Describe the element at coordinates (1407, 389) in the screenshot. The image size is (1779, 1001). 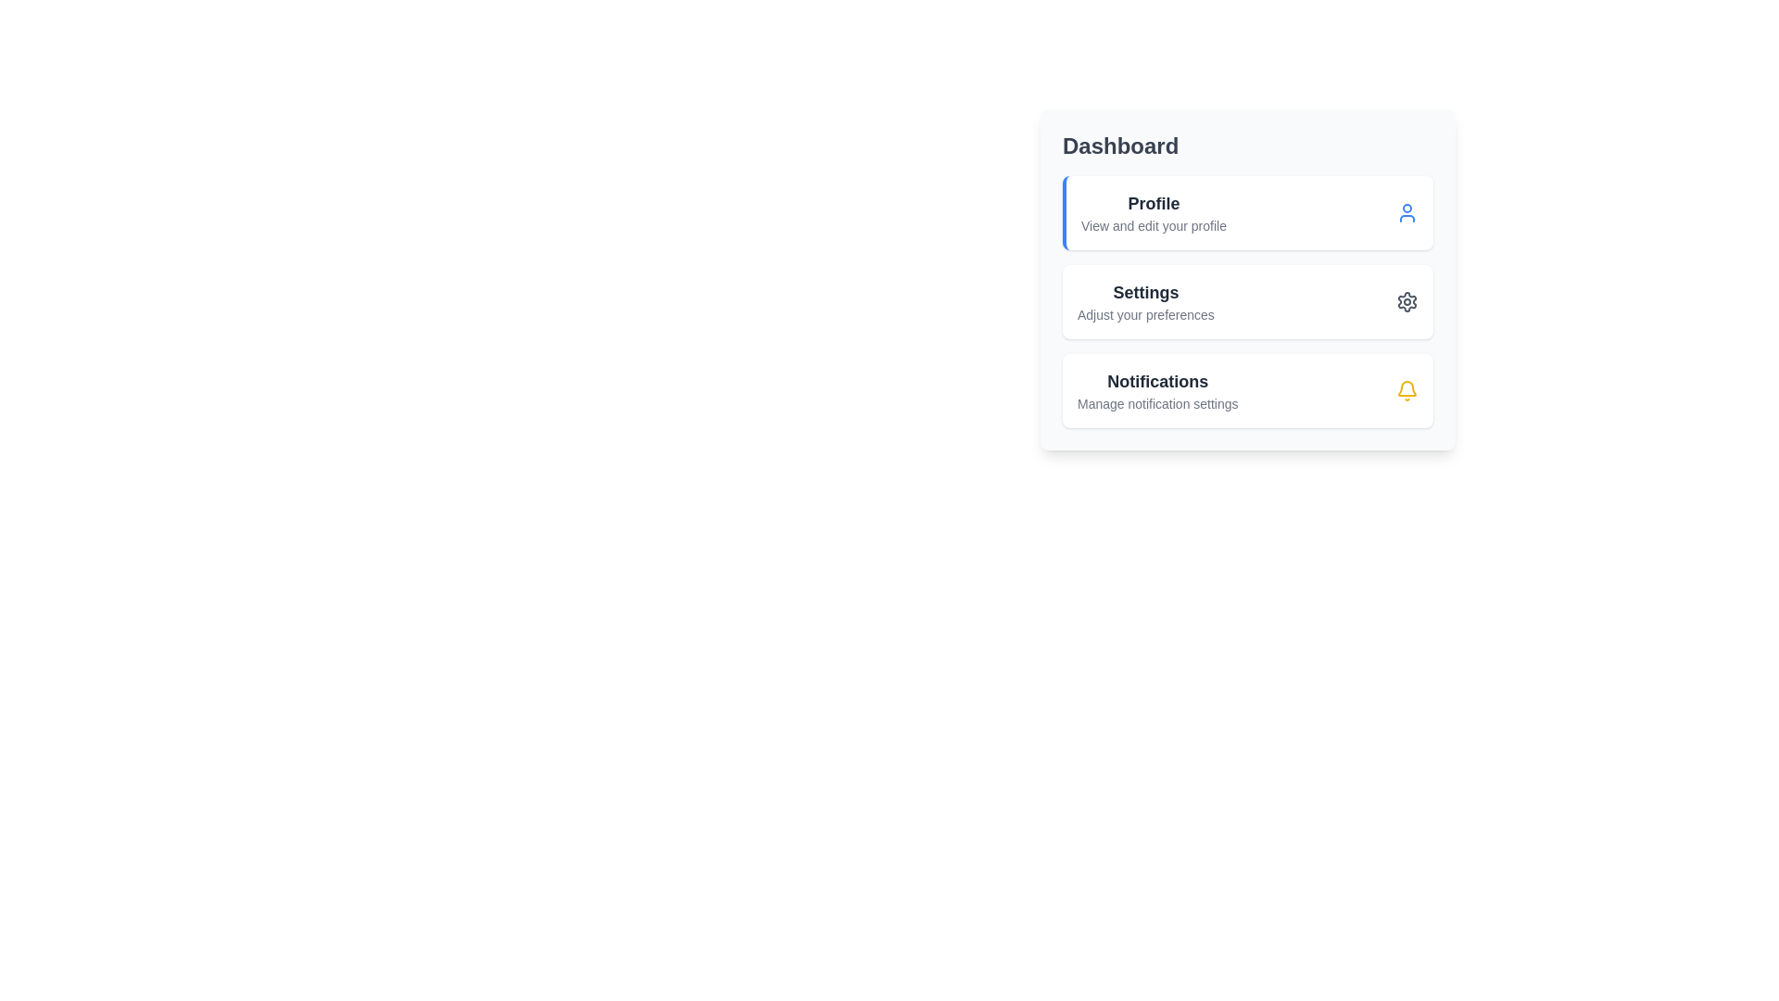
I see `the yellow bell-shaped icon with a circular alert on its top center located in the 'Notifications' section, adjacent to 'Manage notification settings'` at that location.